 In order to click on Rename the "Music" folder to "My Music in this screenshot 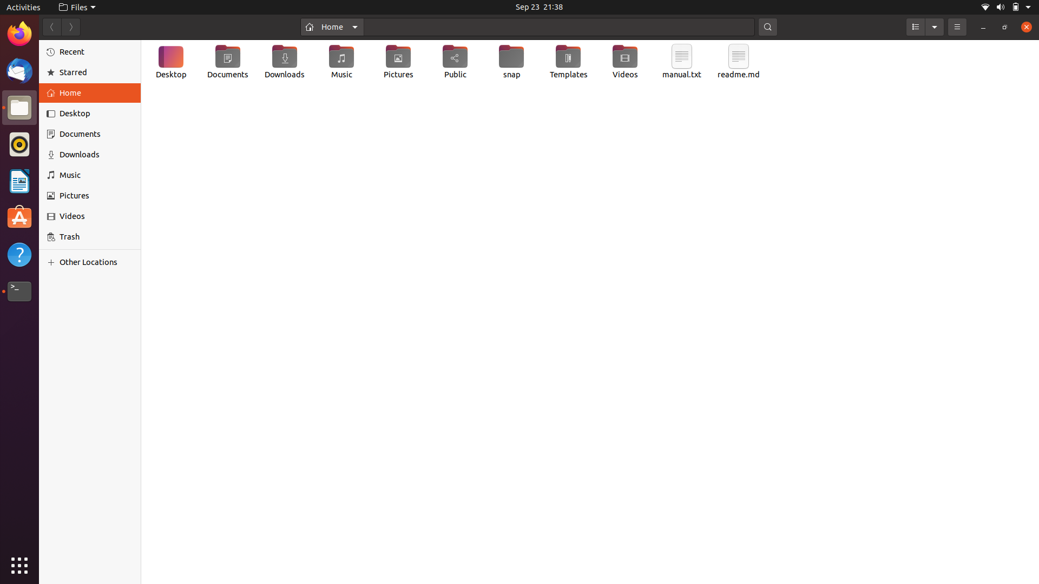, I will do `click(340, 64)`.